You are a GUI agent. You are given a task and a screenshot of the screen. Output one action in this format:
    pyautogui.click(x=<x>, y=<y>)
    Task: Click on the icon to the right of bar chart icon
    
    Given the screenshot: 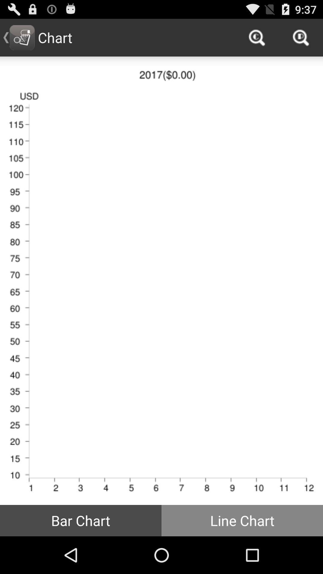 What is the action you would take?
    pyautogui.click(x=242, y=520)
    